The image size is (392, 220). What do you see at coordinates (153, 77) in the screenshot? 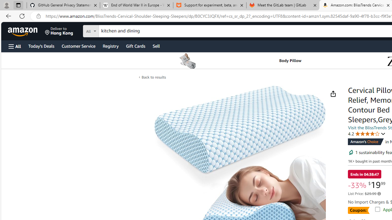
I see `'Back to results'` at bounding box center [153, 77].